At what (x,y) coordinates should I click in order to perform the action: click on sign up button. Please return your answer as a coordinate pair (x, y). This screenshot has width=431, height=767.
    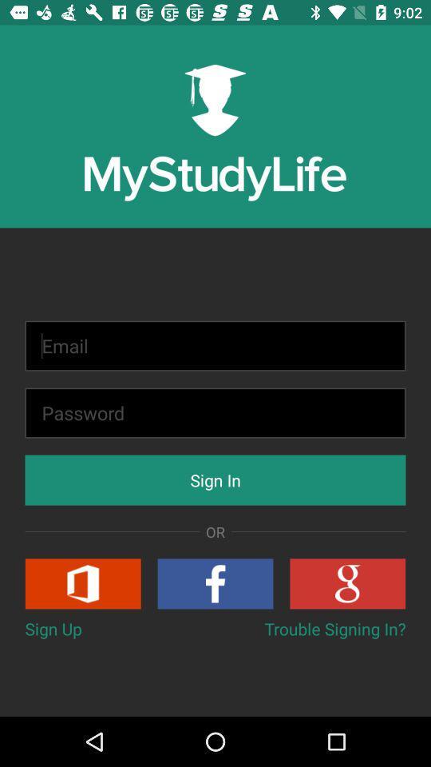
    Looking at the image, I should click on (83, 582).